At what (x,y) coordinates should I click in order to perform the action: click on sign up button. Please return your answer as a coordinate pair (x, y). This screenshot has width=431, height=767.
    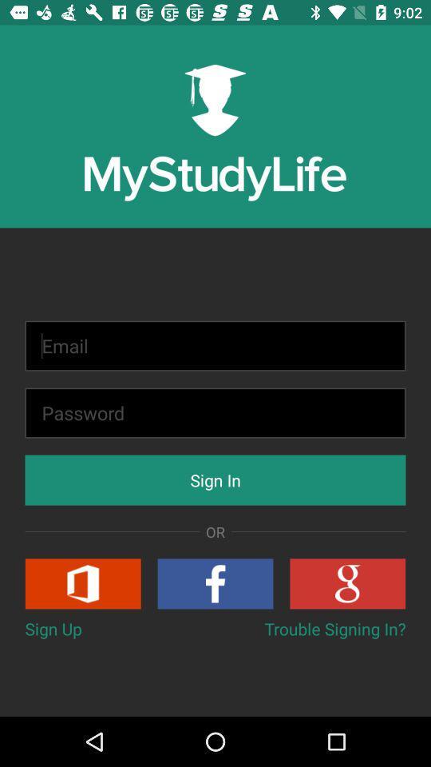
    Looking at the image, I should click on (83, 582).